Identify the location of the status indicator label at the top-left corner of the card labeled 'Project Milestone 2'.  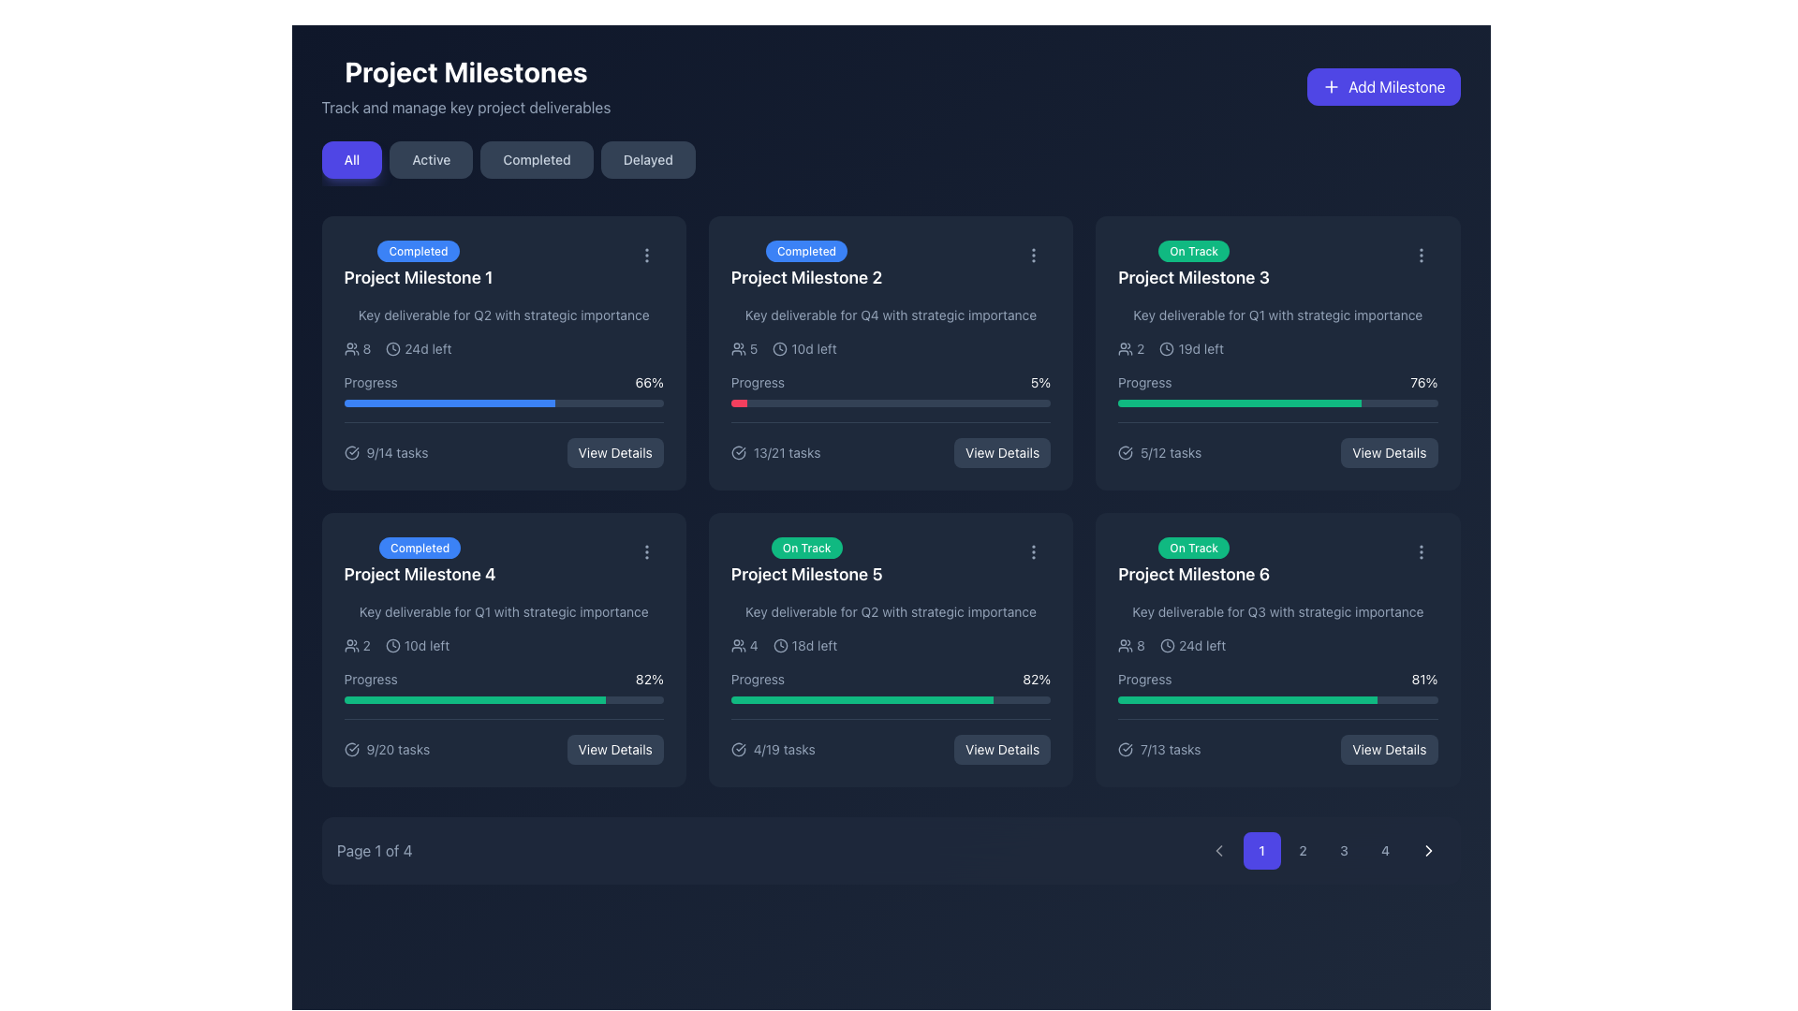
(806, 250).